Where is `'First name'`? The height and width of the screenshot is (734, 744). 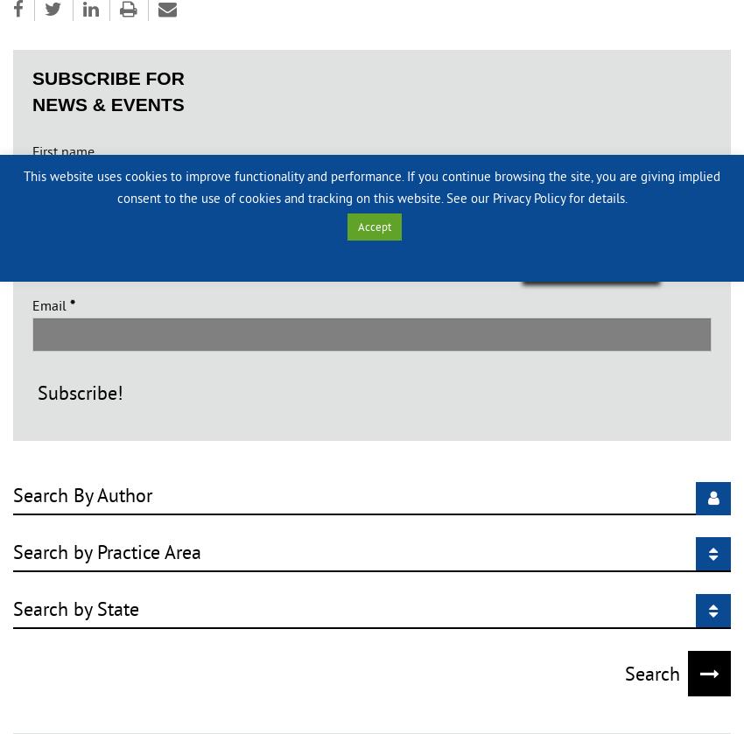 'First name' is located at coordinates (63, 150).